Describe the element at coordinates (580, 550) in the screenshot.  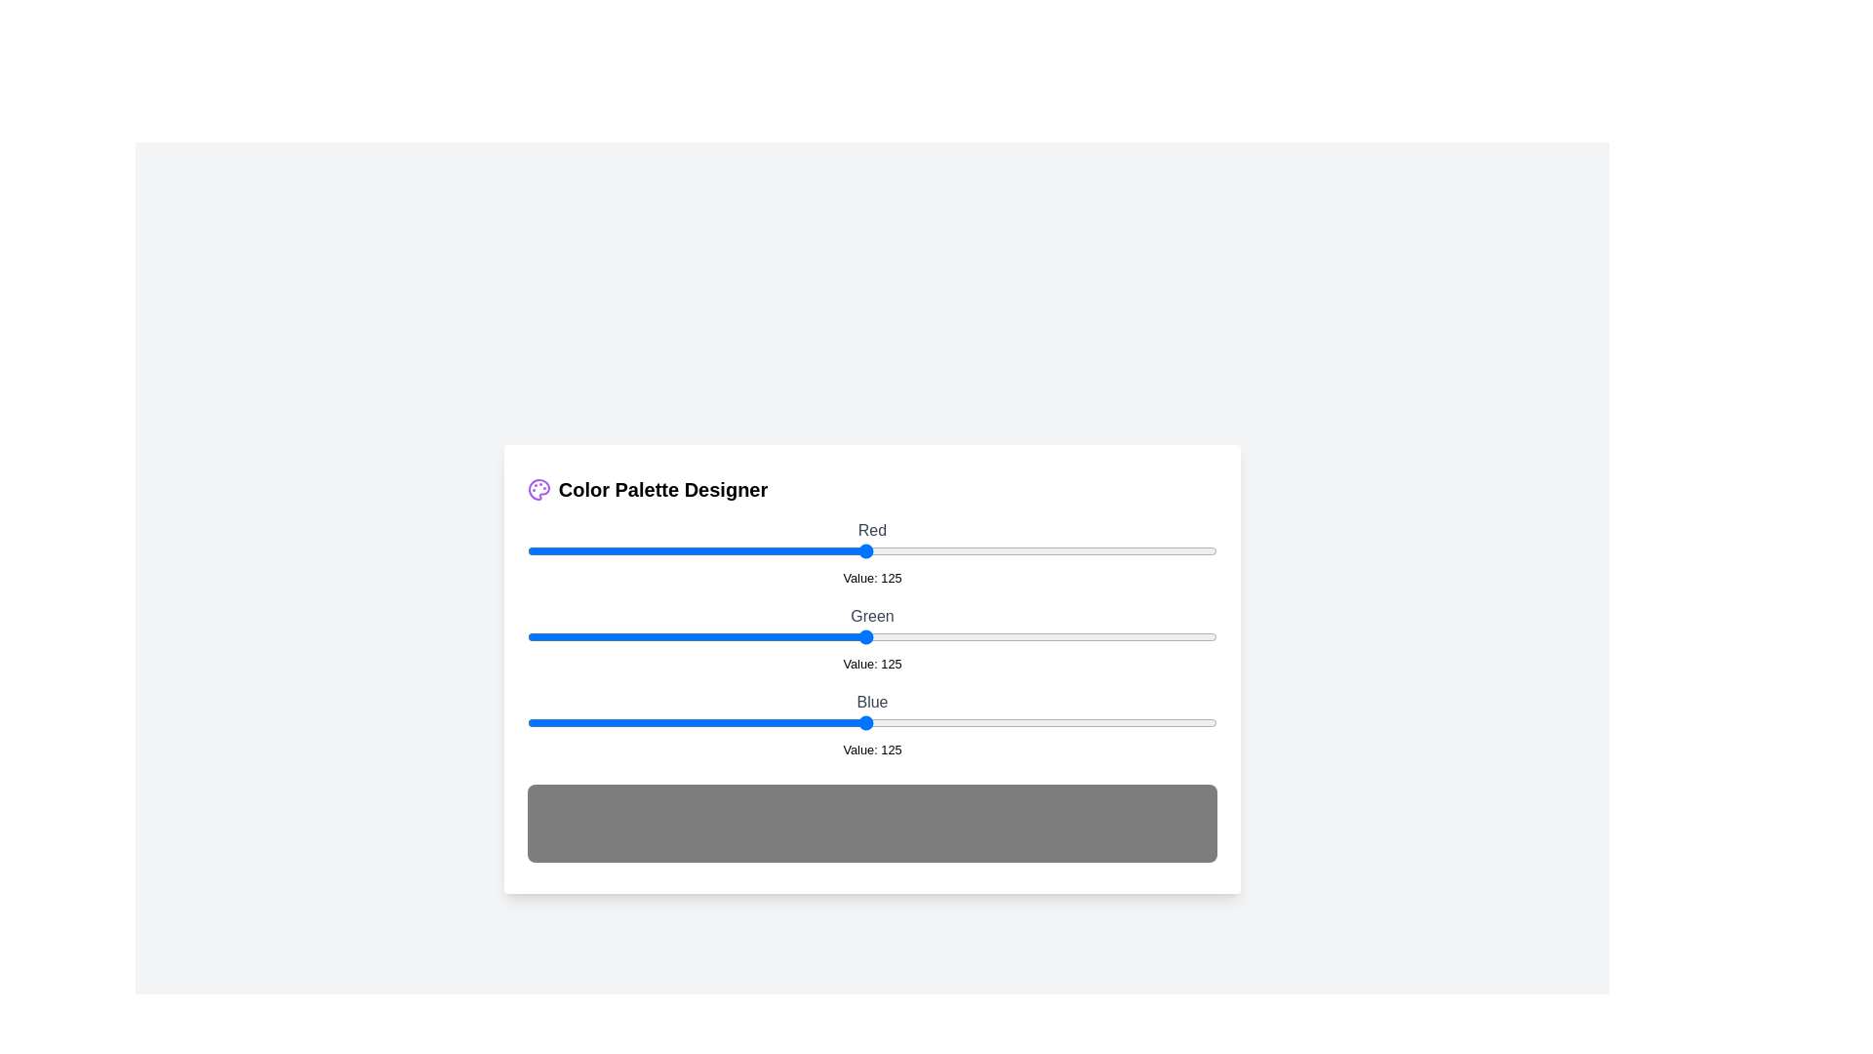
I see `the 0 slider to 20 to observe the updated color preview` at that location.